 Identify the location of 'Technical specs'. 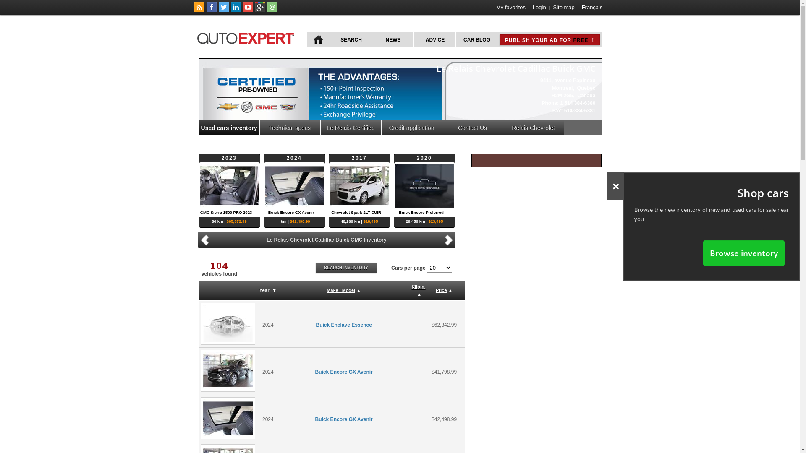
(290, 127).